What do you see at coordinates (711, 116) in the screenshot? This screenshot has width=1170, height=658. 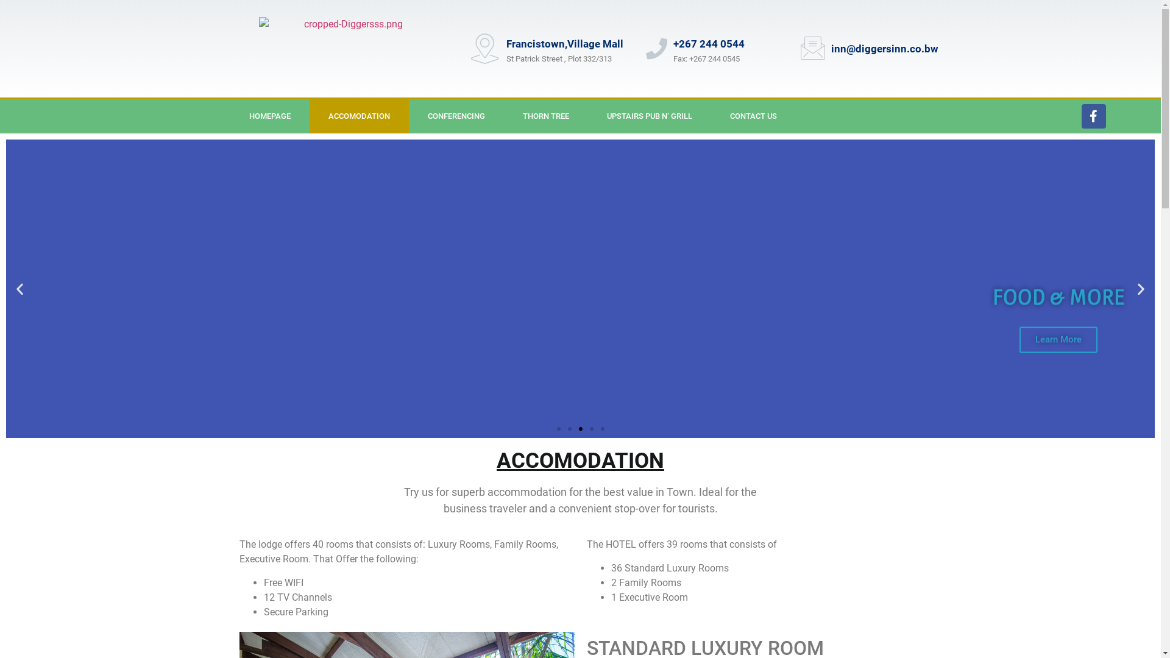 I see `'CONTACT US'` at bounding box center [711, 116].